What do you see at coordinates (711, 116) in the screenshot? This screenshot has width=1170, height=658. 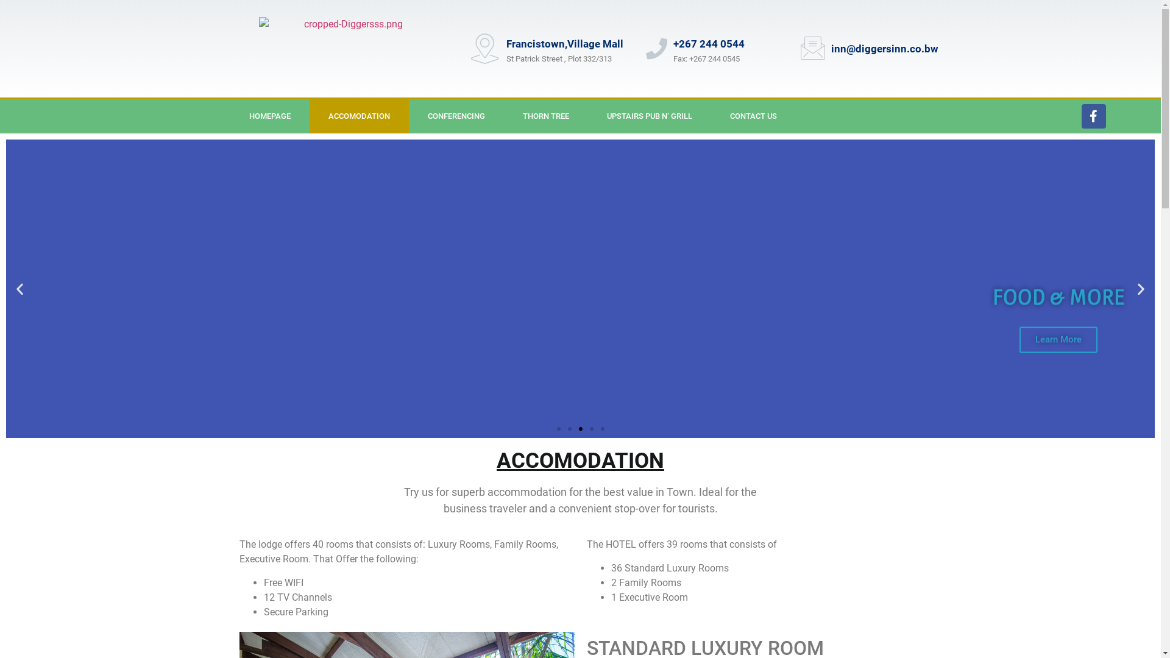 I see `'CONTACT US'` at bounding box center [711, 116].